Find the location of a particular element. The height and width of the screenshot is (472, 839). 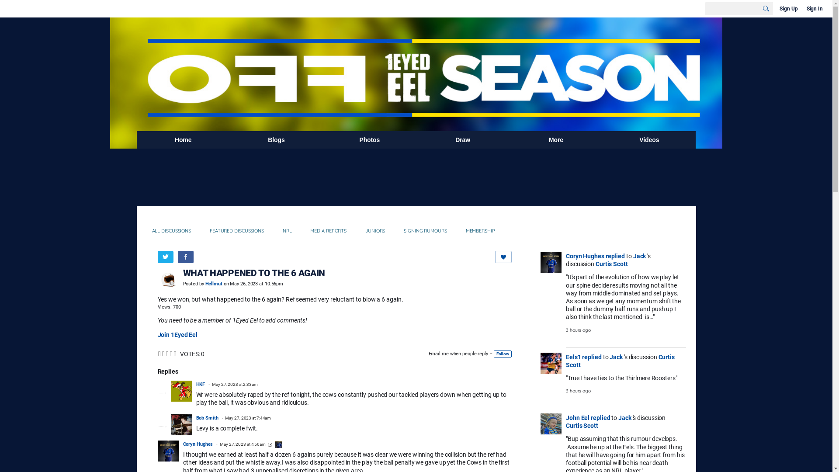

'Coryn Hughes' is located at coordinates (585, 256).